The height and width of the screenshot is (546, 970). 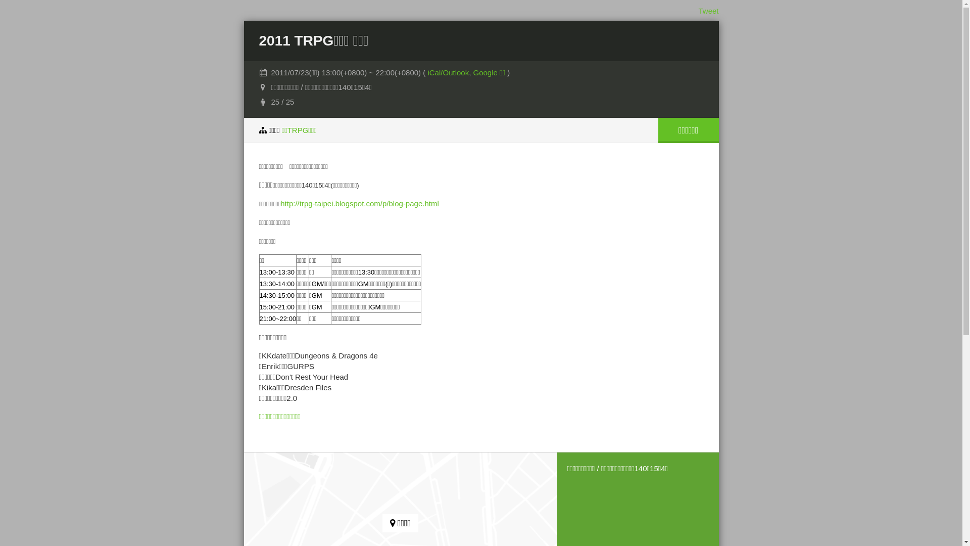 I want to click on 'iCal/Outlook', so click(x=448, y=72).